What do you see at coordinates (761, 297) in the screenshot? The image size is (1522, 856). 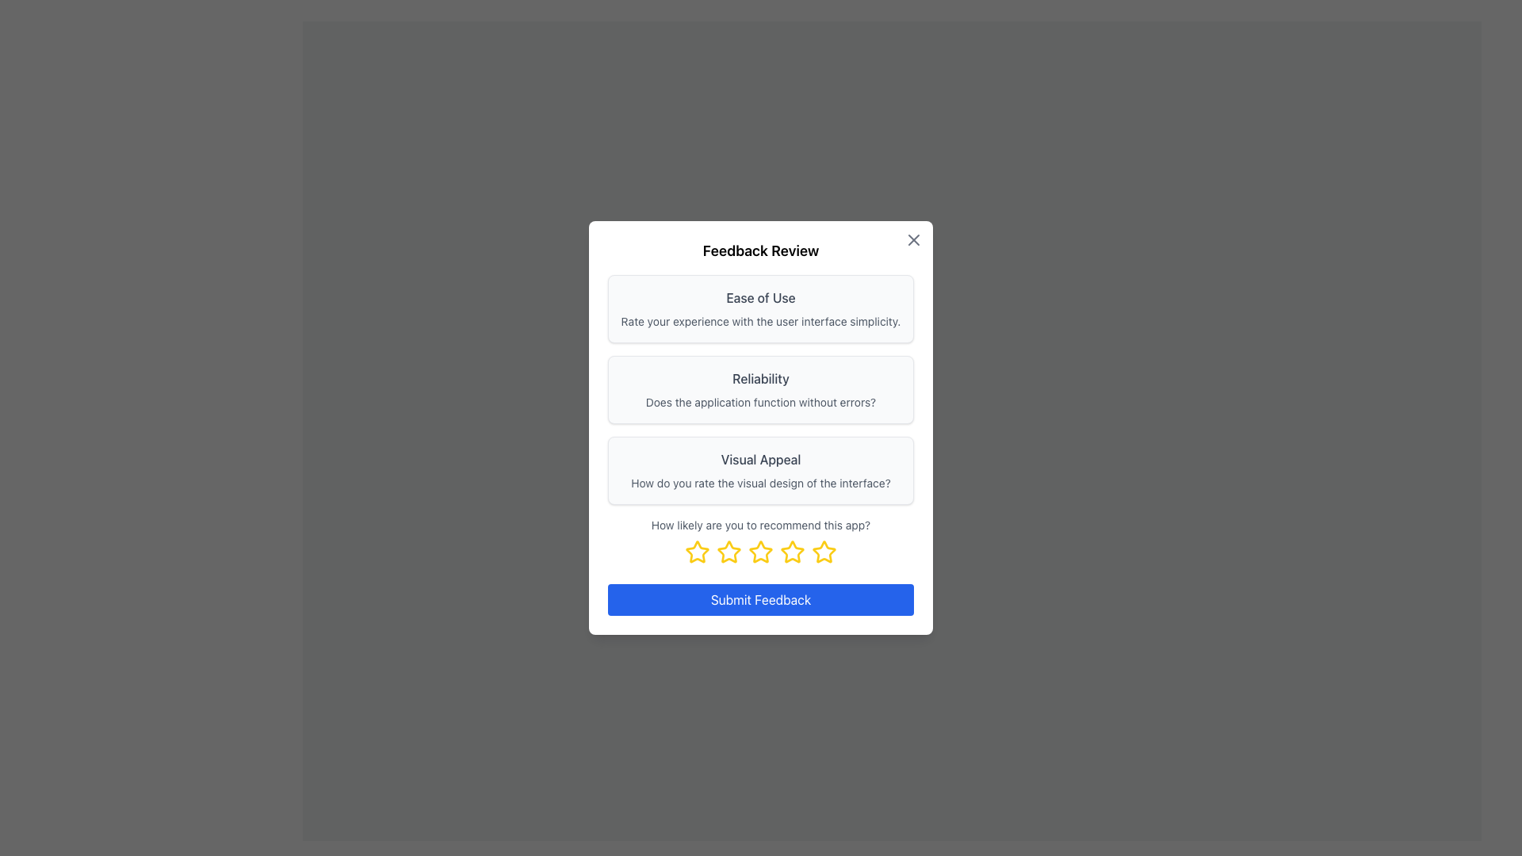 I see `the 'Ease of Use' label, which is a gray textual heading centered at the top of the feedback section, above the description text` at bounding box center [761, 297].